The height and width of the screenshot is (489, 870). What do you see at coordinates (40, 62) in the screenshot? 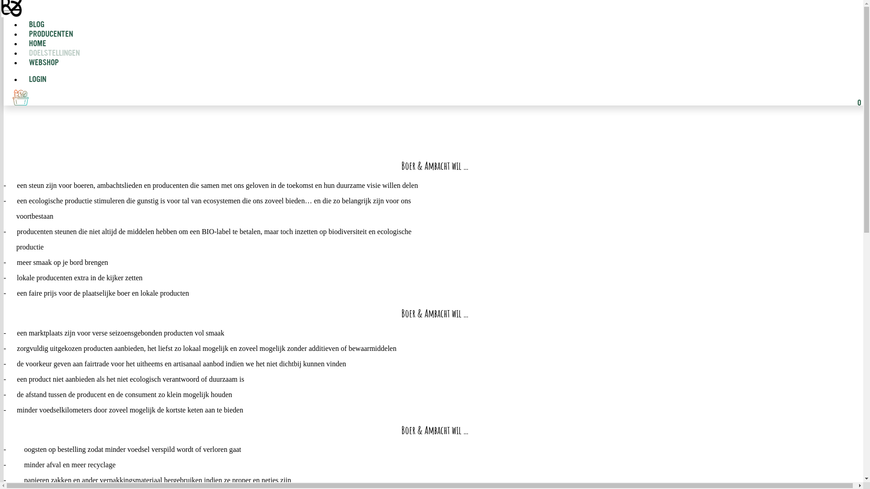
I see `'WEBSHOP'` at bounding box center [40, 62].